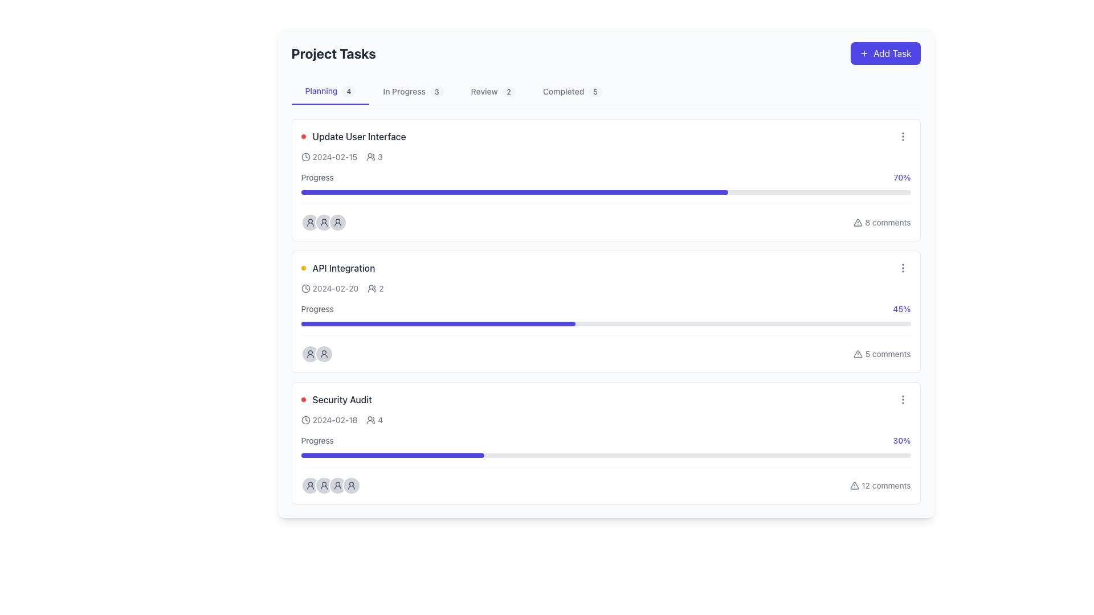  I want to click on displayed text 'API Integration' from the text label located in the second task card in the 'Planning' section, positioned beneath 'Update User Interface' and above 'Security Audit', so click(337, 268).